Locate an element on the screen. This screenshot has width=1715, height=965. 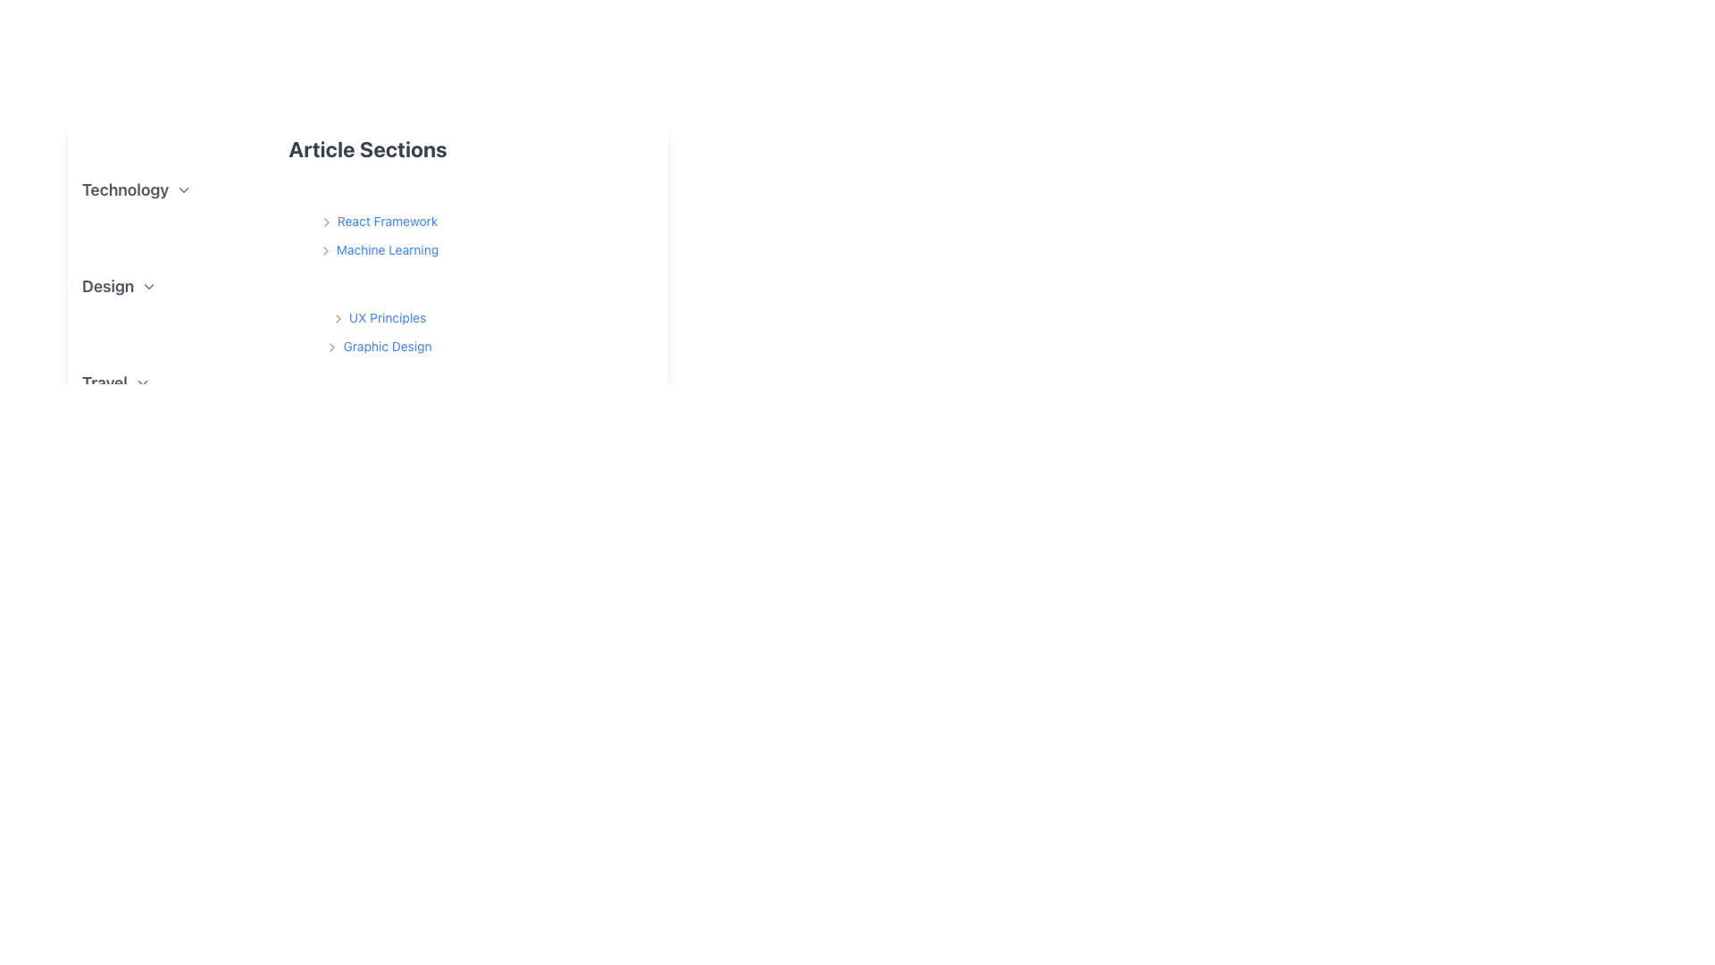
the 'Machine Learning' hyperlink, which is styled in blue with an underline and has a right-facing arrow icon to its left is located at coordinates (377, 248).